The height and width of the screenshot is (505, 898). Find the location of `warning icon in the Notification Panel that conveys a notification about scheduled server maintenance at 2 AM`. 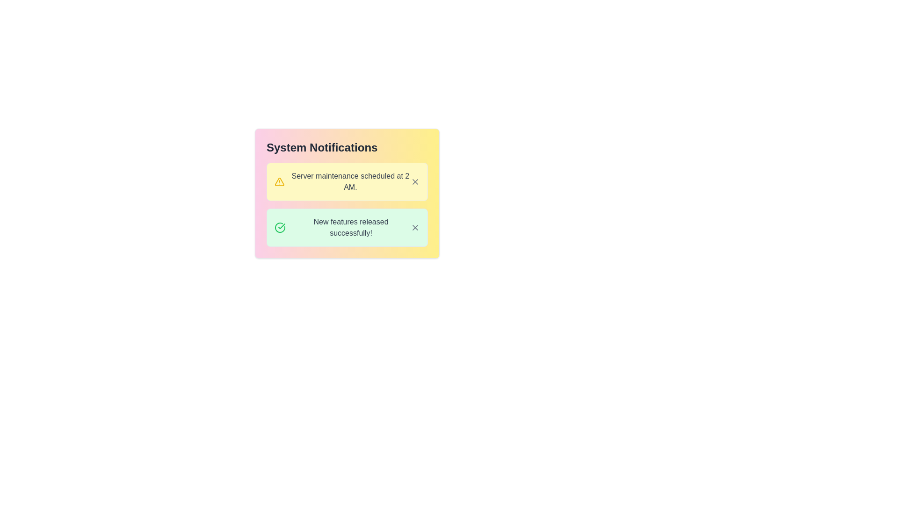

warning icon in the Notification Panel that conveys a notification about scheduled server maintenance at 2 AM is located at coordinates (347, 193).